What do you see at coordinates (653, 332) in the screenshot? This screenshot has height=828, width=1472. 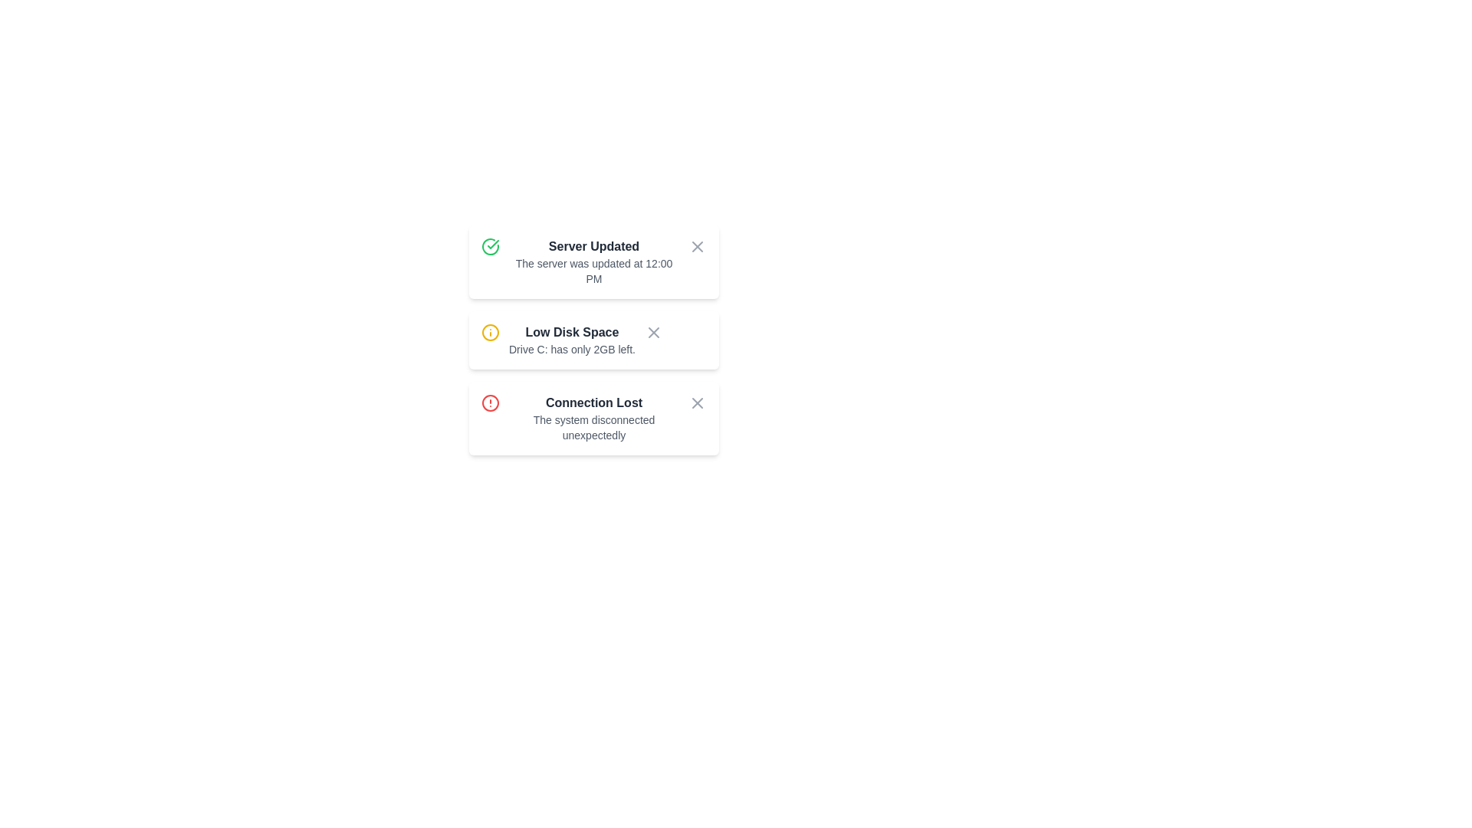 I see `the close icon represented by an 'X' within the 'Connection Lost' notification card to observe its hover-specific styling effects` at bounding box center [653, 332].